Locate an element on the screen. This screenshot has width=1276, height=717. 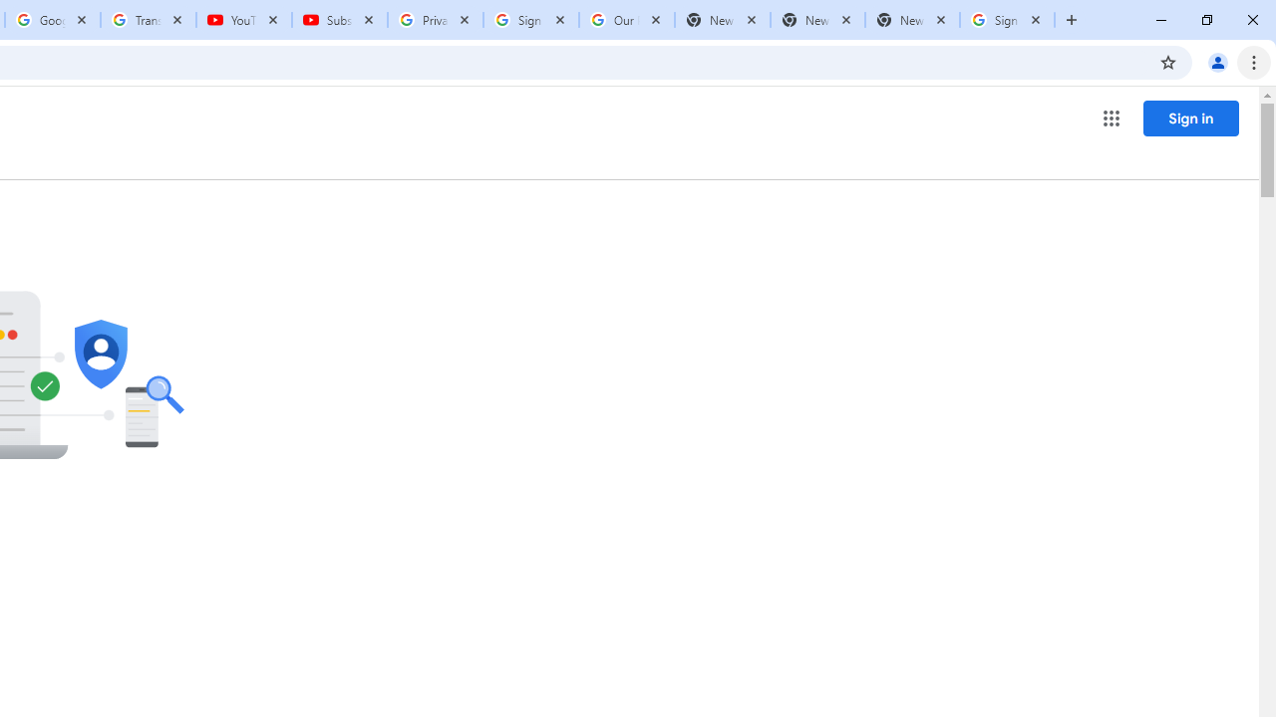
'Chrome' is located at coordinates (1255, 61).